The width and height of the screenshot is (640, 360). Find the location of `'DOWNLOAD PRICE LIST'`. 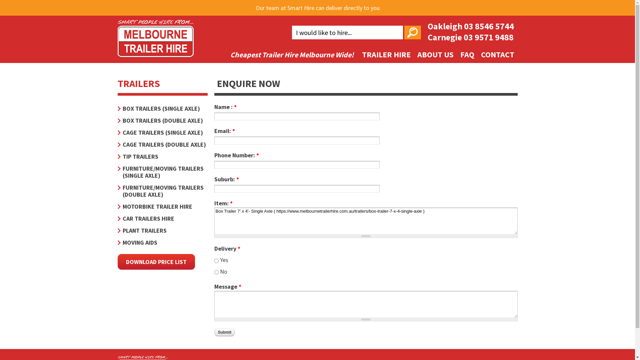

'DOWNLOAD PRICE LIST' is located at coordinates (155, 261).